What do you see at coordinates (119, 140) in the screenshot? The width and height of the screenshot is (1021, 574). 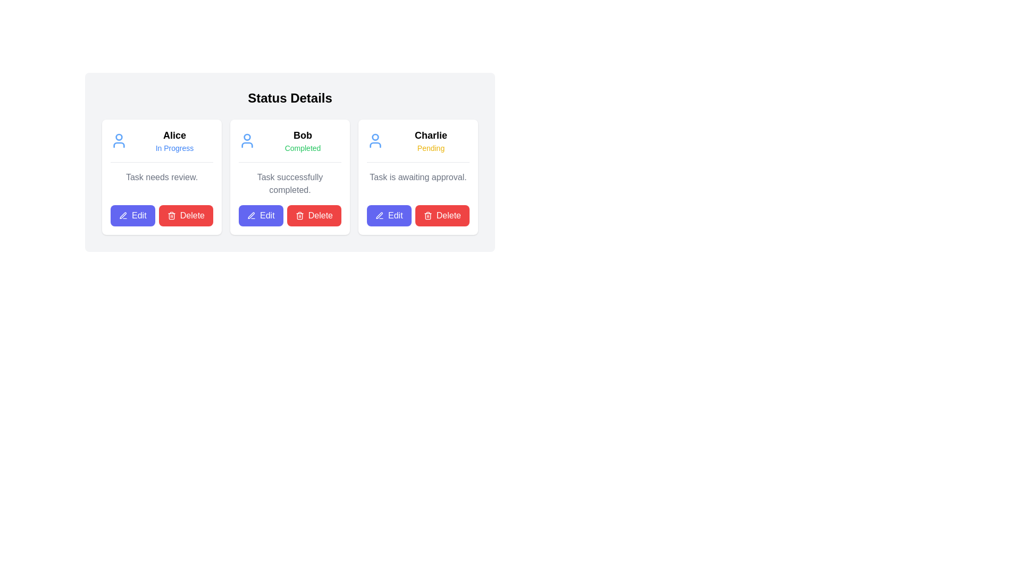 I see `the user avatar icon representing 'Alice', located at the top-left corner of the card, above the text 'Alice' and status 'In Progress'` at bounding box center [119, 140].